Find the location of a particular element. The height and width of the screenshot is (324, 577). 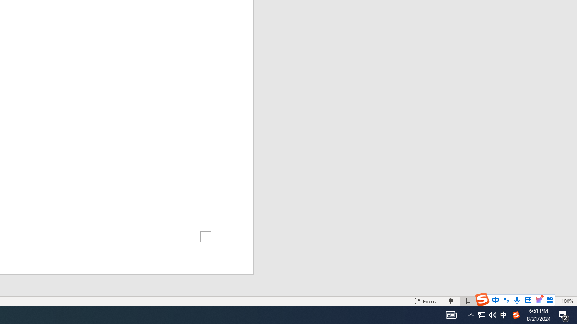

'Zoom 100%' is located at coordinates (567, 301).